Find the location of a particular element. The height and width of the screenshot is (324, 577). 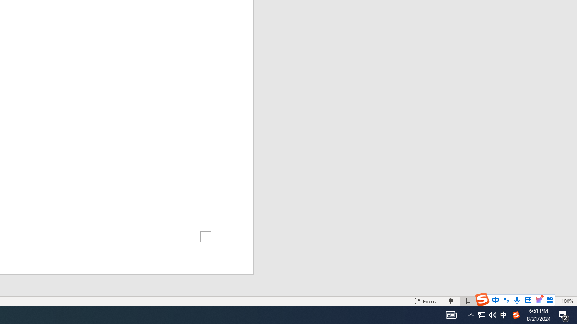

'Zoom 100%' is located at coordinates (567, 301).